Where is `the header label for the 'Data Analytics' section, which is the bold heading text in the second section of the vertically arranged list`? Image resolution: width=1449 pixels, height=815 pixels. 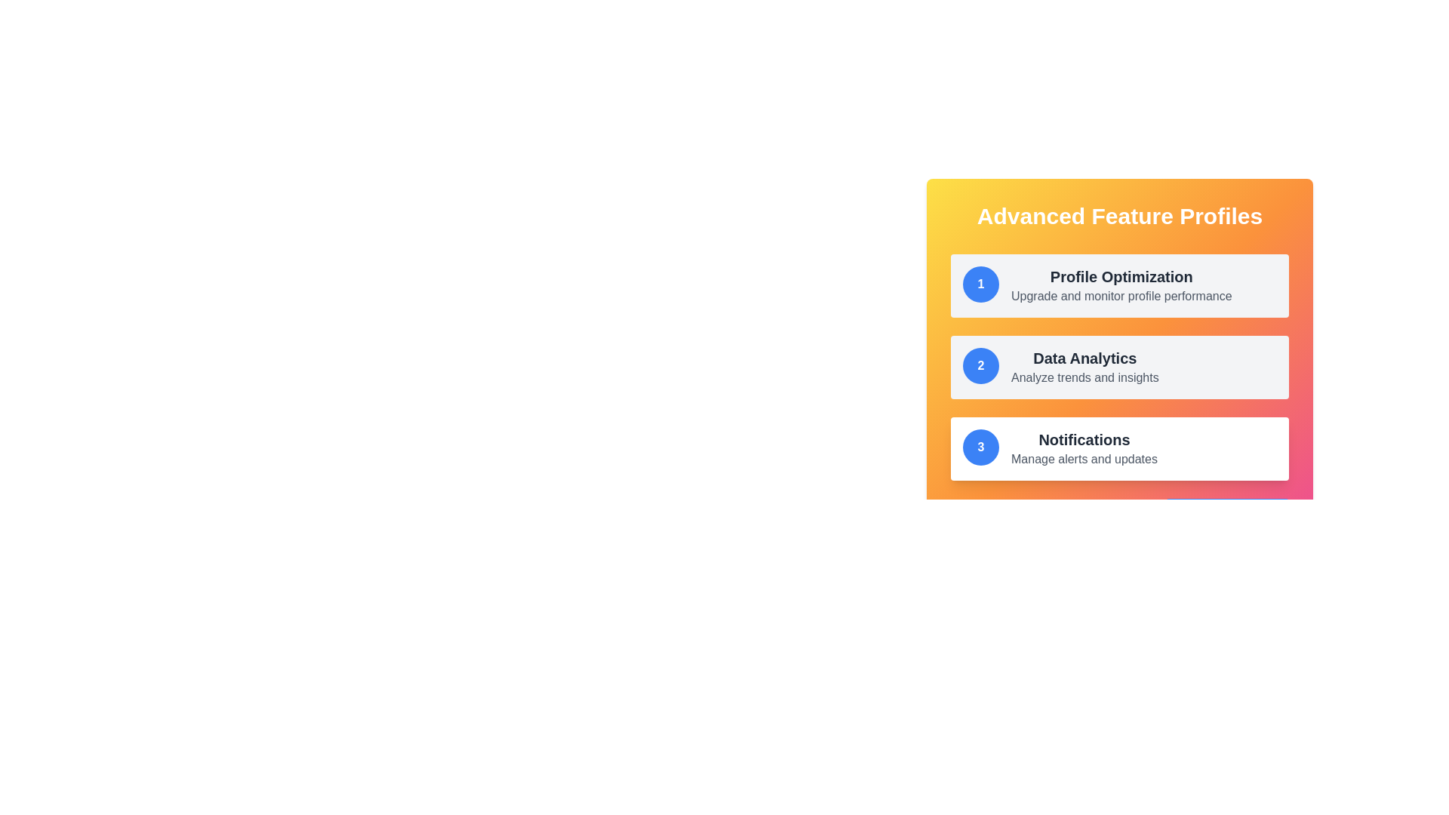 the header label for the 'Data Analytics' section, which is the bold heading text in the second section of the vertically arranged list is located at coordinates (1084, 358).